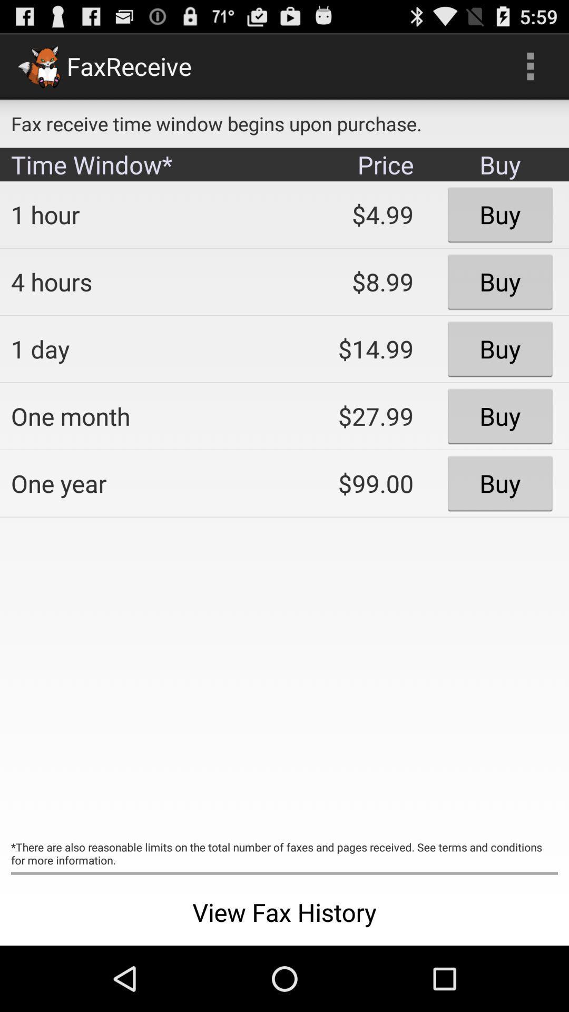 Image resolution: width=569 pixels, height=1012 pixels. Describe the element at coordinates (140, 415) in the screenshot. I see `one month` at that location.